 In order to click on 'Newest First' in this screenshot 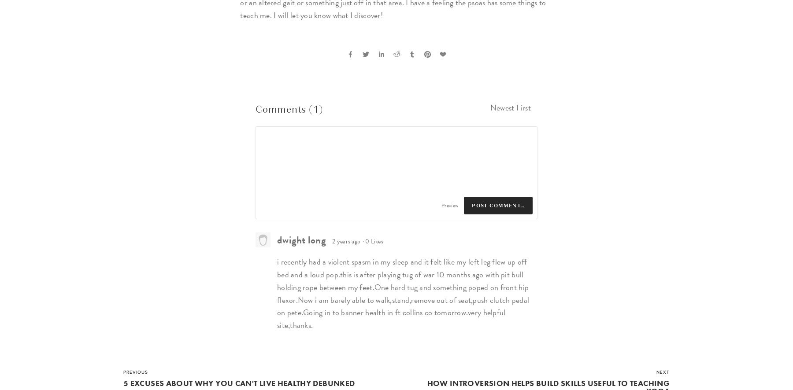, I will do `click(510, 107)`.